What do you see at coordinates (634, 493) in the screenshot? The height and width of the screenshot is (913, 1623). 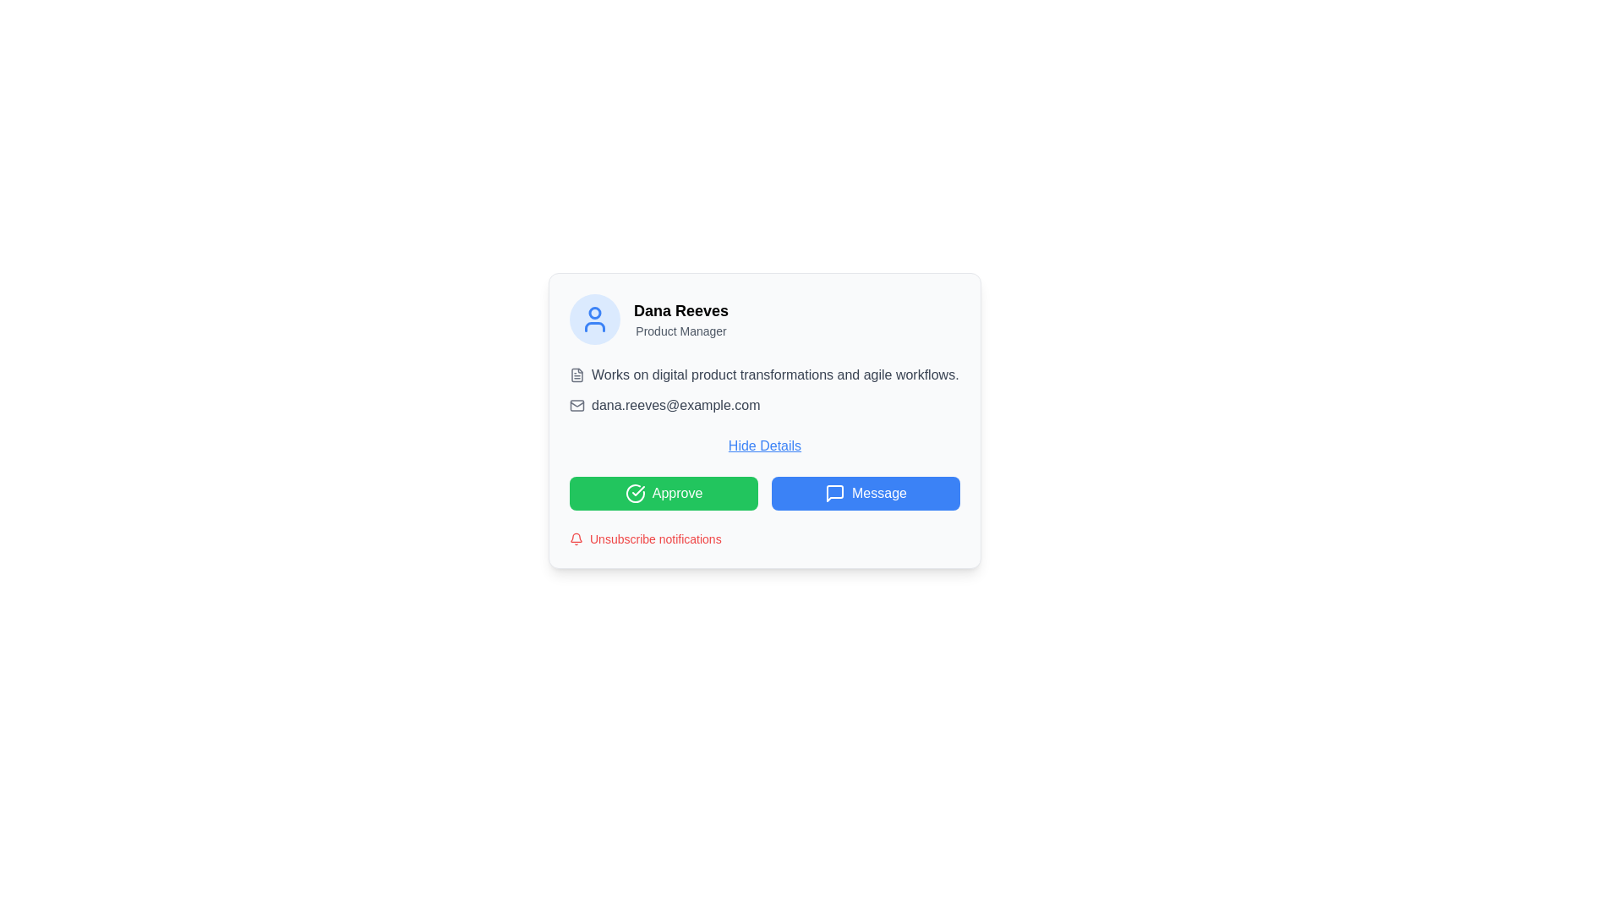 I see `the circular checkmark icon within the green 'Approve' button, which signifies an approval action and is located to the left of the 'Approve' text` at bounding box center [634, 493].